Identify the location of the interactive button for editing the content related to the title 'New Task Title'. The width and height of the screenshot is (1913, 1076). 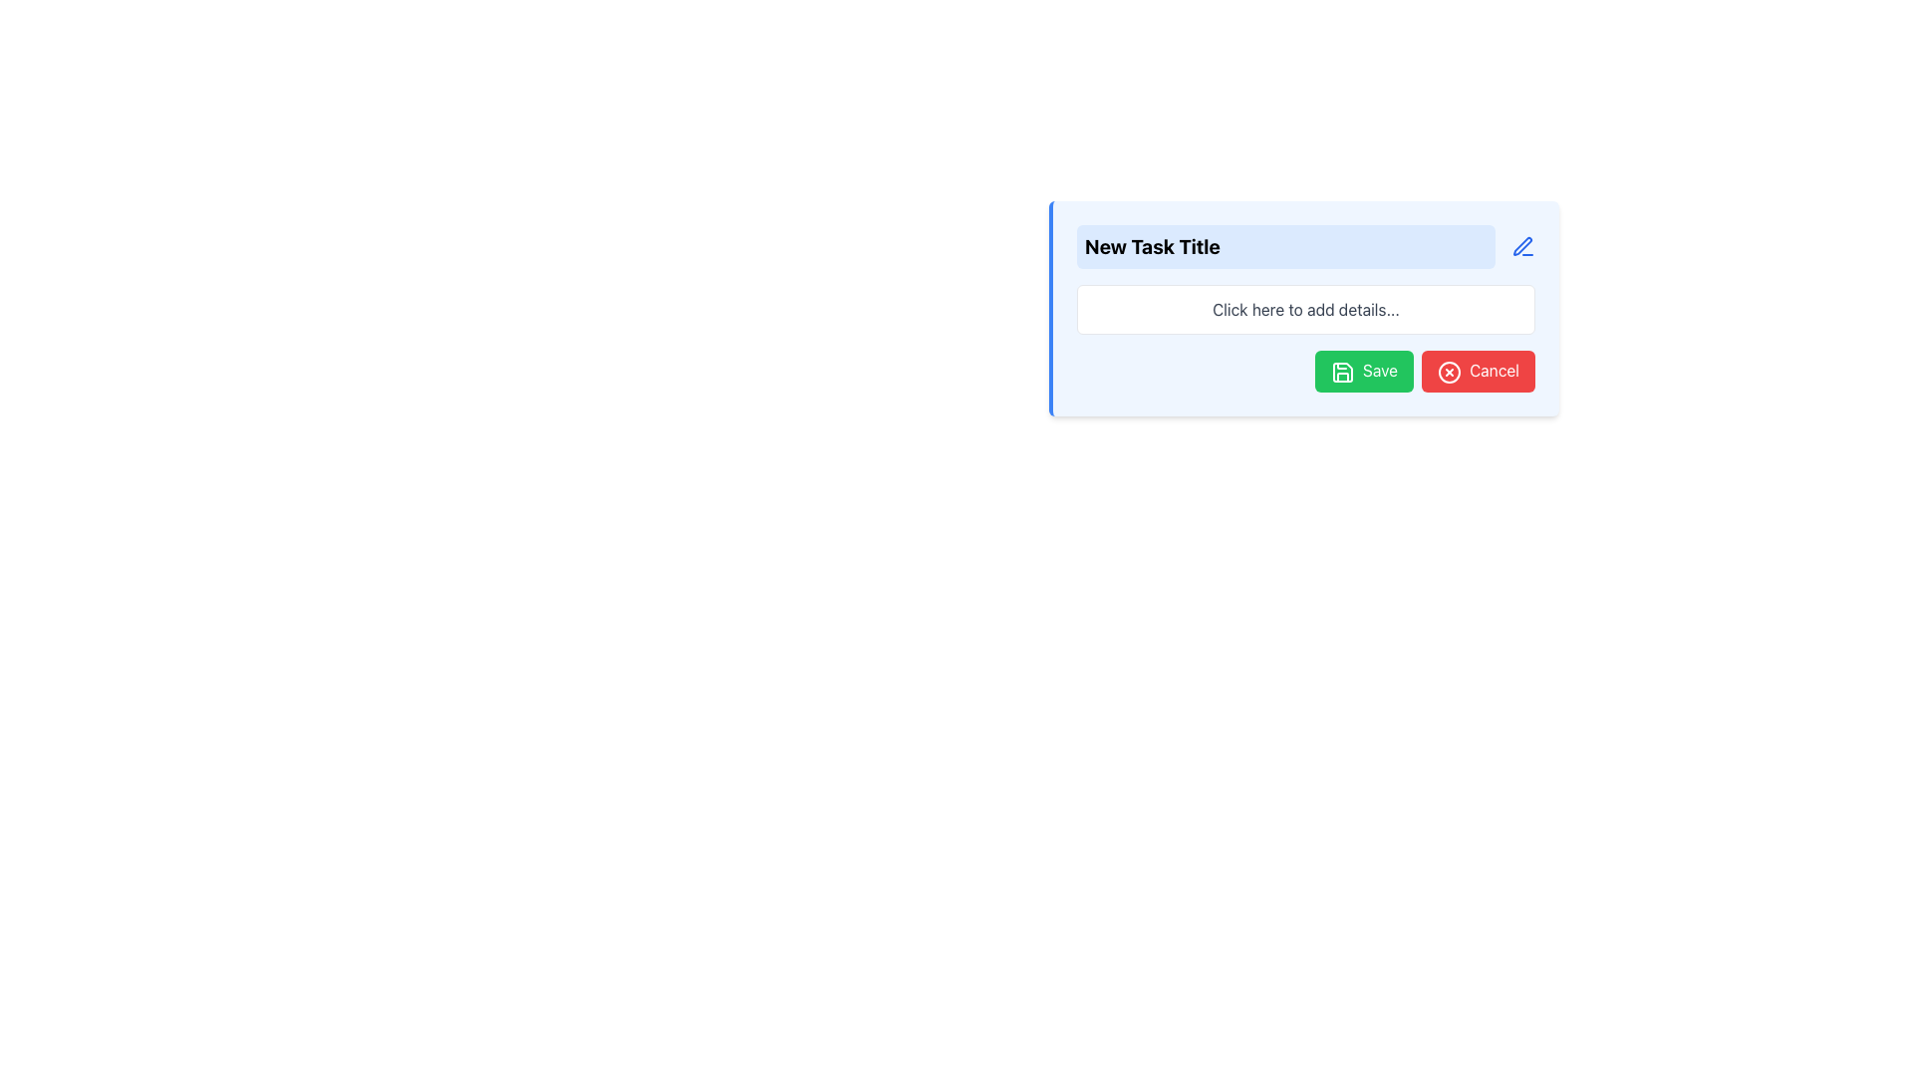
(1522, 245).